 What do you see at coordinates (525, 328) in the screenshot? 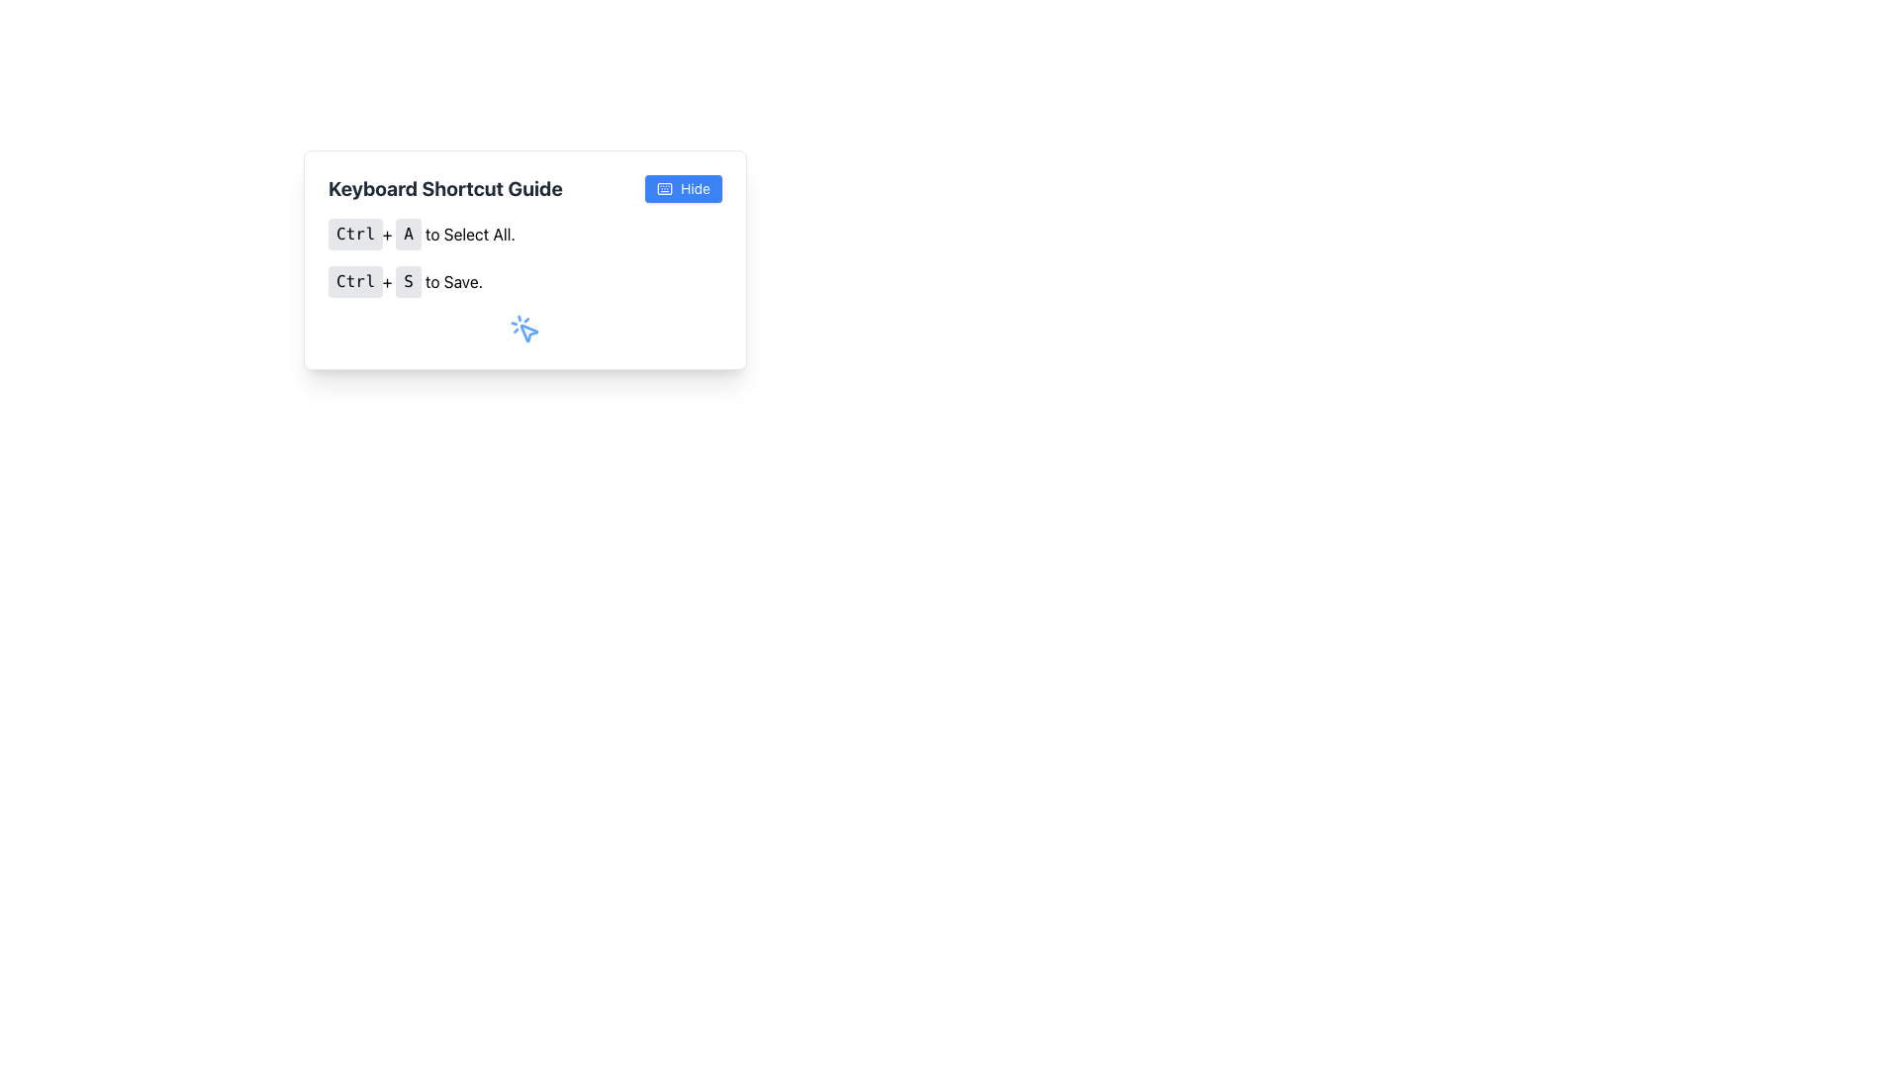
I see `the decorative graphic located at the bottom of the 'Keyboard Shortcut Guide' card, which is visually centered and serves to indicate an interaction point` at bounding box center [525, 328].